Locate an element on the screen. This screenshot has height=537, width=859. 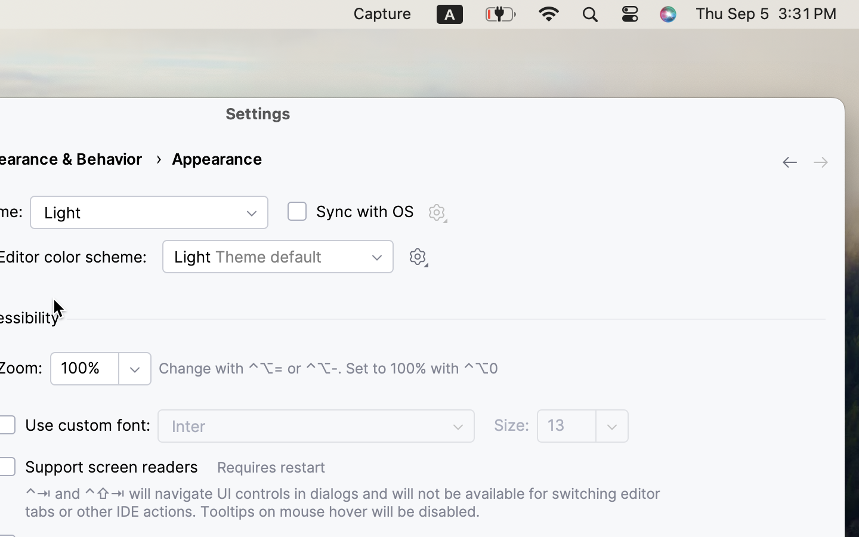
'Inter' is located at coordinates (316, 425).